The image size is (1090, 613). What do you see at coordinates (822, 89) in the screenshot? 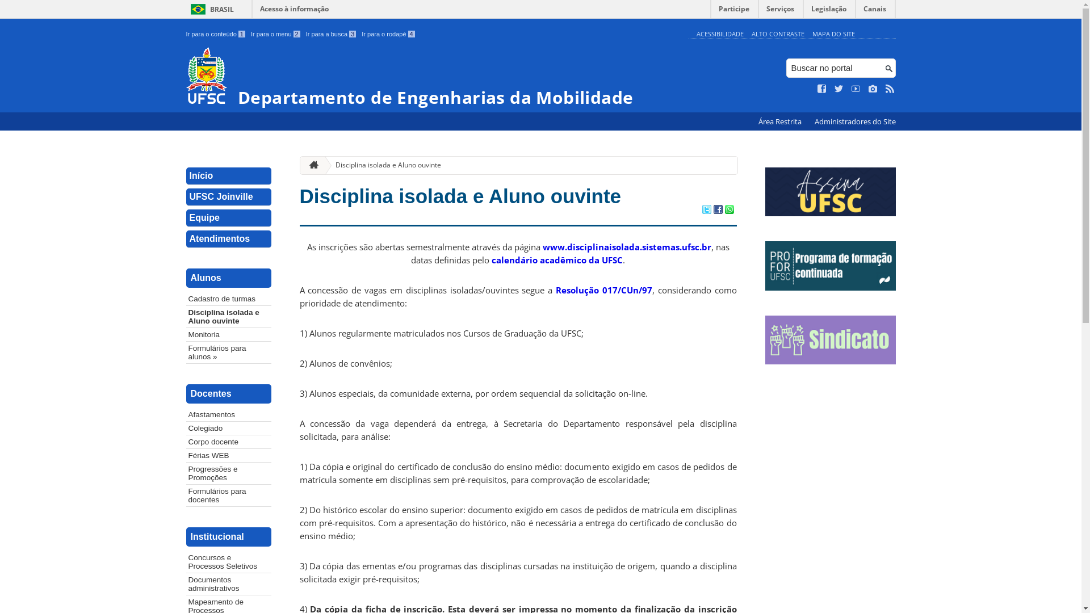
I see `'Curta no Facebook'` at bounding box center [822, 89].